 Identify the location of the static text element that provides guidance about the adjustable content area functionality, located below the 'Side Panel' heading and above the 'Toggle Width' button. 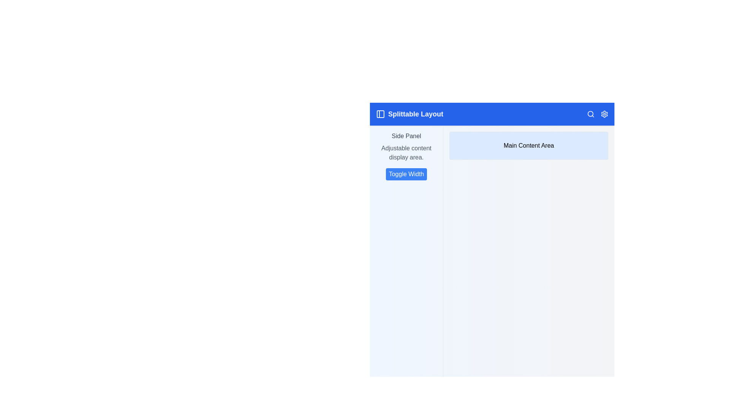
(406, 153).